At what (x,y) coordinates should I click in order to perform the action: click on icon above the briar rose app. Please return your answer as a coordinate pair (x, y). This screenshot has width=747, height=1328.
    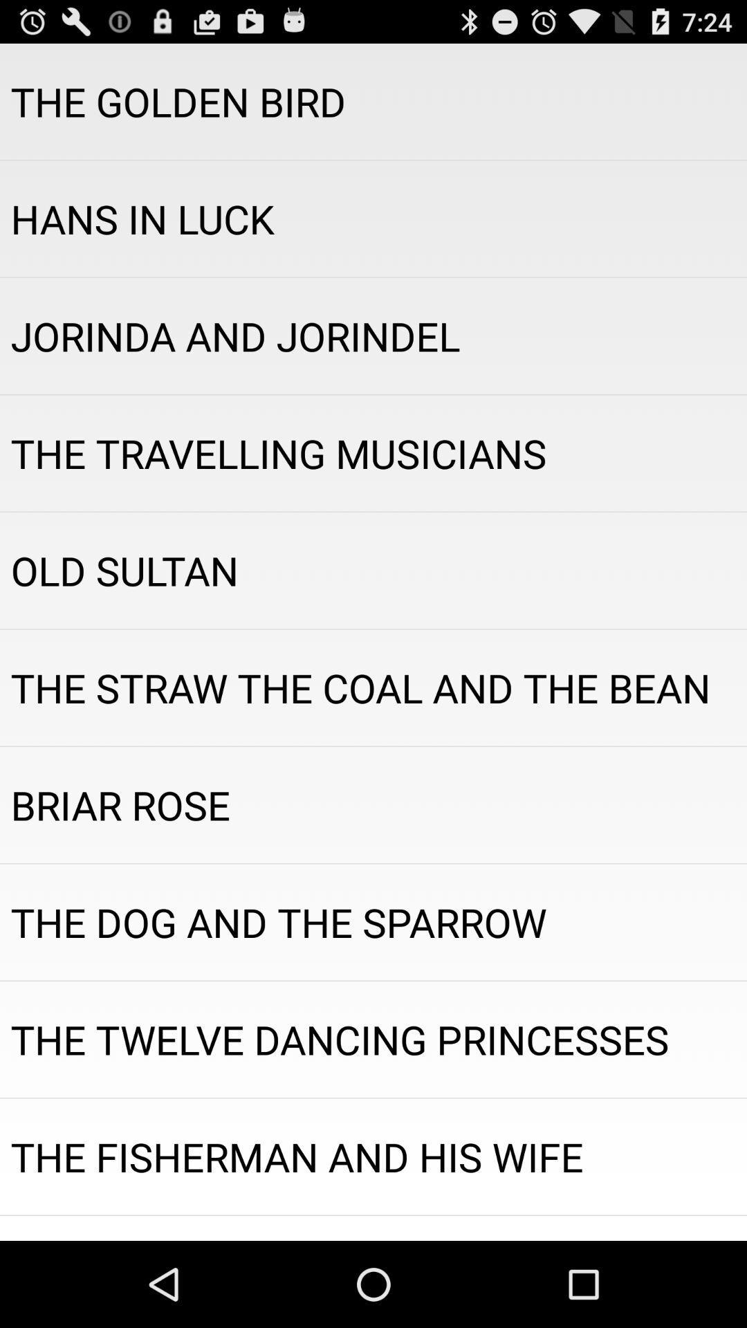
    Looking at the image, I should click on (373, 688).